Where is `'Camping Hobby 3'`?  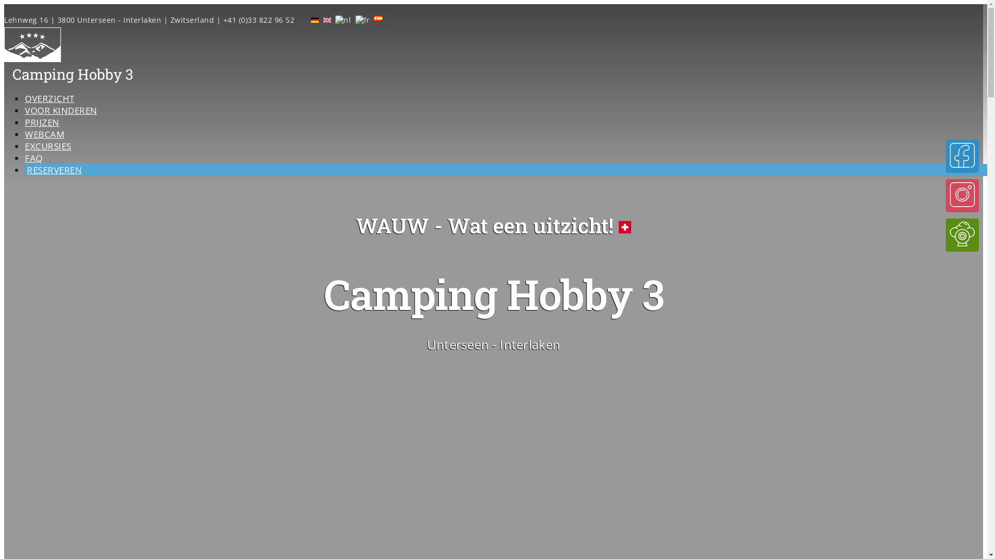 'Camping Hobby 3' is located at coordinates (12, 73).